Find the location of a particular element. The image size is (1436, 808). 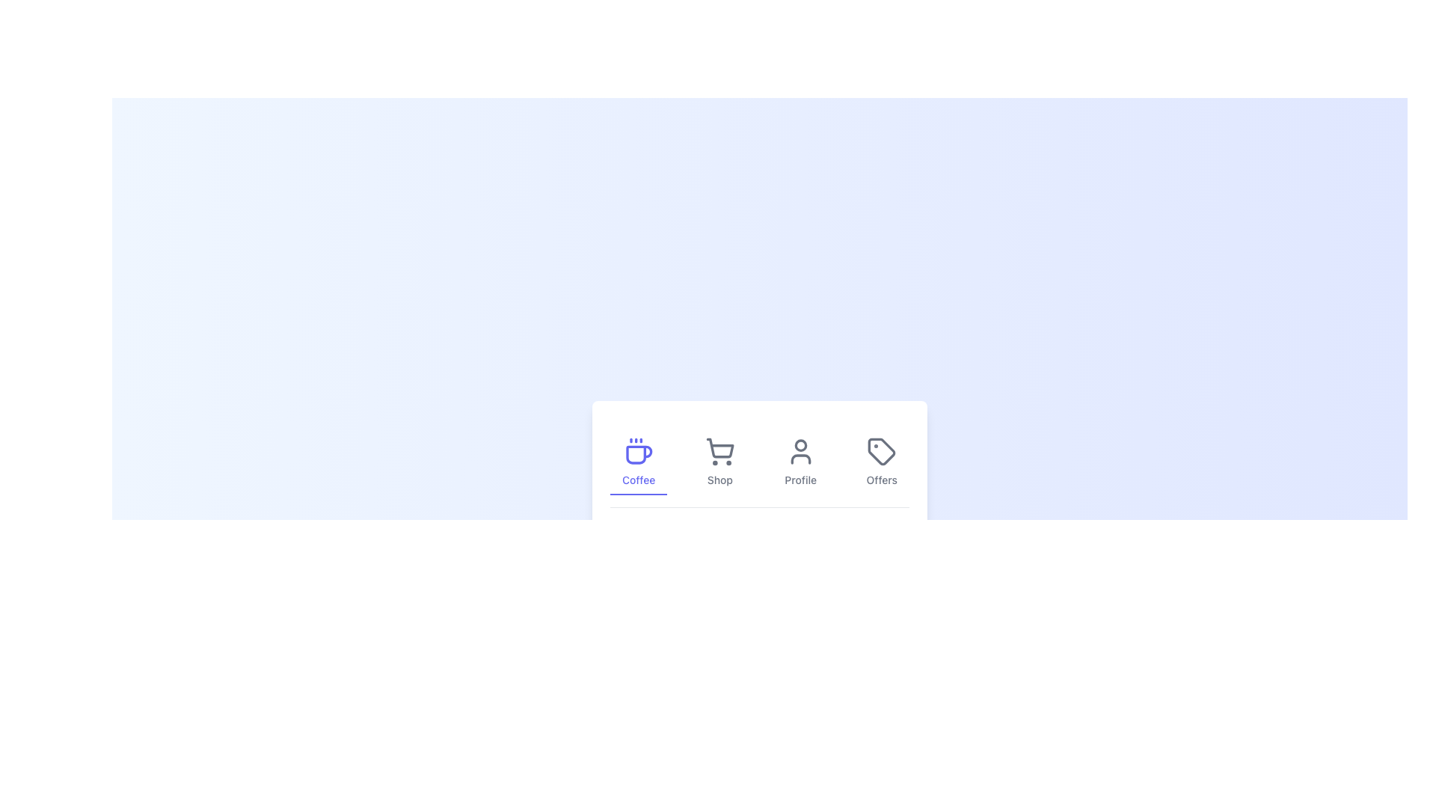

the third button in the navigation bar is located at coordinates (800, 462).